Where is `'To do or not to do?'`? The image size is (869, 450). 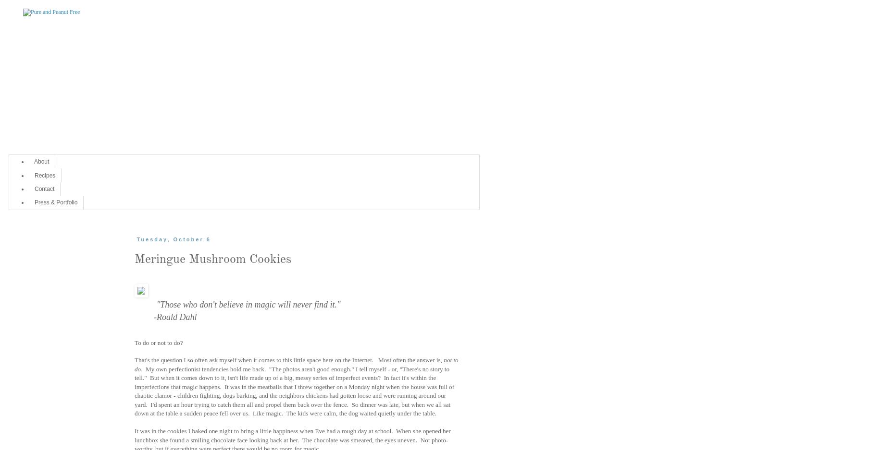 'To do or not to do?' is located at coordinates (158, 342).